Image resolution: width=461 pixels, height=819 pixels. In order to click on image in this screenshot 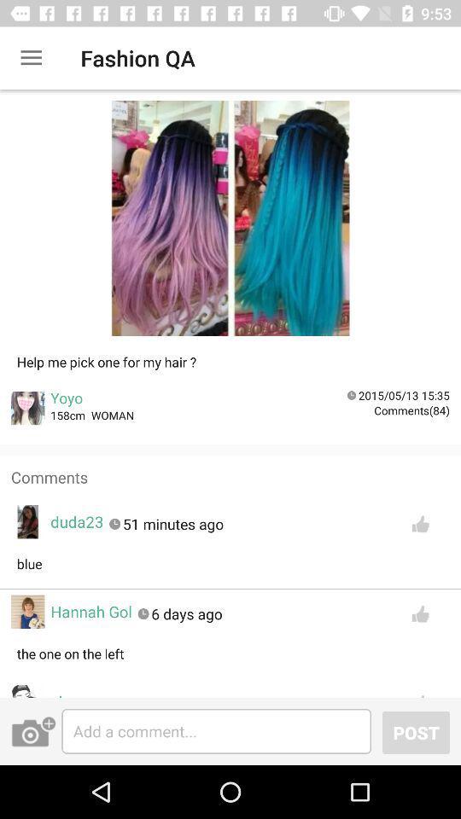, I will do `click(230, 223)`.